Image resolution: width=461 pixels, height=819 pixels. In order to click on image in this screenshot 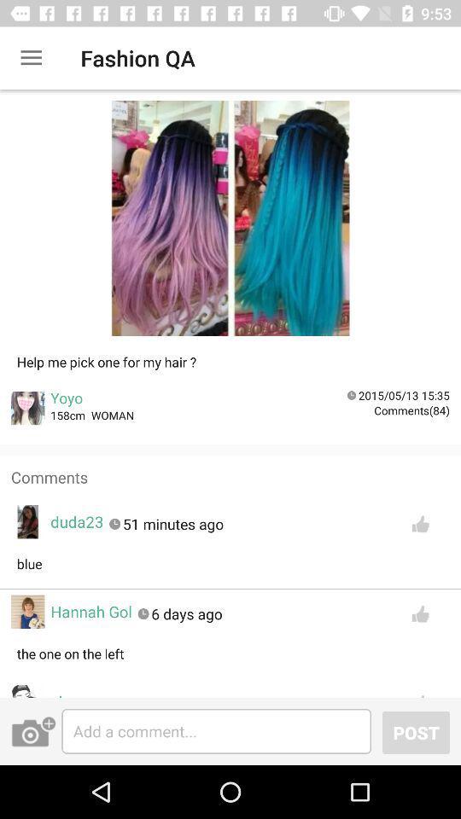, I will do `click(230, 223)`.